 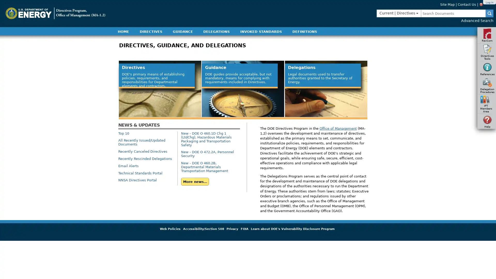 What do you see at coordinates (399, 13) in the screenshot?
I see `Current | Directives` at bounding box center [399, 13].